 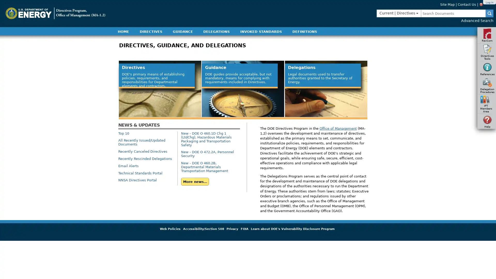 What do you see at coordinates (399, 13) in the screenshot?
I see `Current | Directives` at bounding box center [399, 13].